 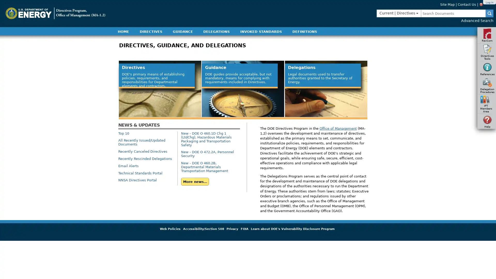 What do you see at coordinates (399, 13) in the screenshot?
I see `Current | Directives` at bounding box center [399, 13].